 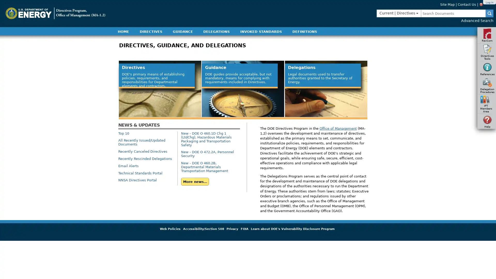 What do you see at coordinates (399, 13) in the screenshot?
I see `Current | Directives` at bounding box center [399, 13].